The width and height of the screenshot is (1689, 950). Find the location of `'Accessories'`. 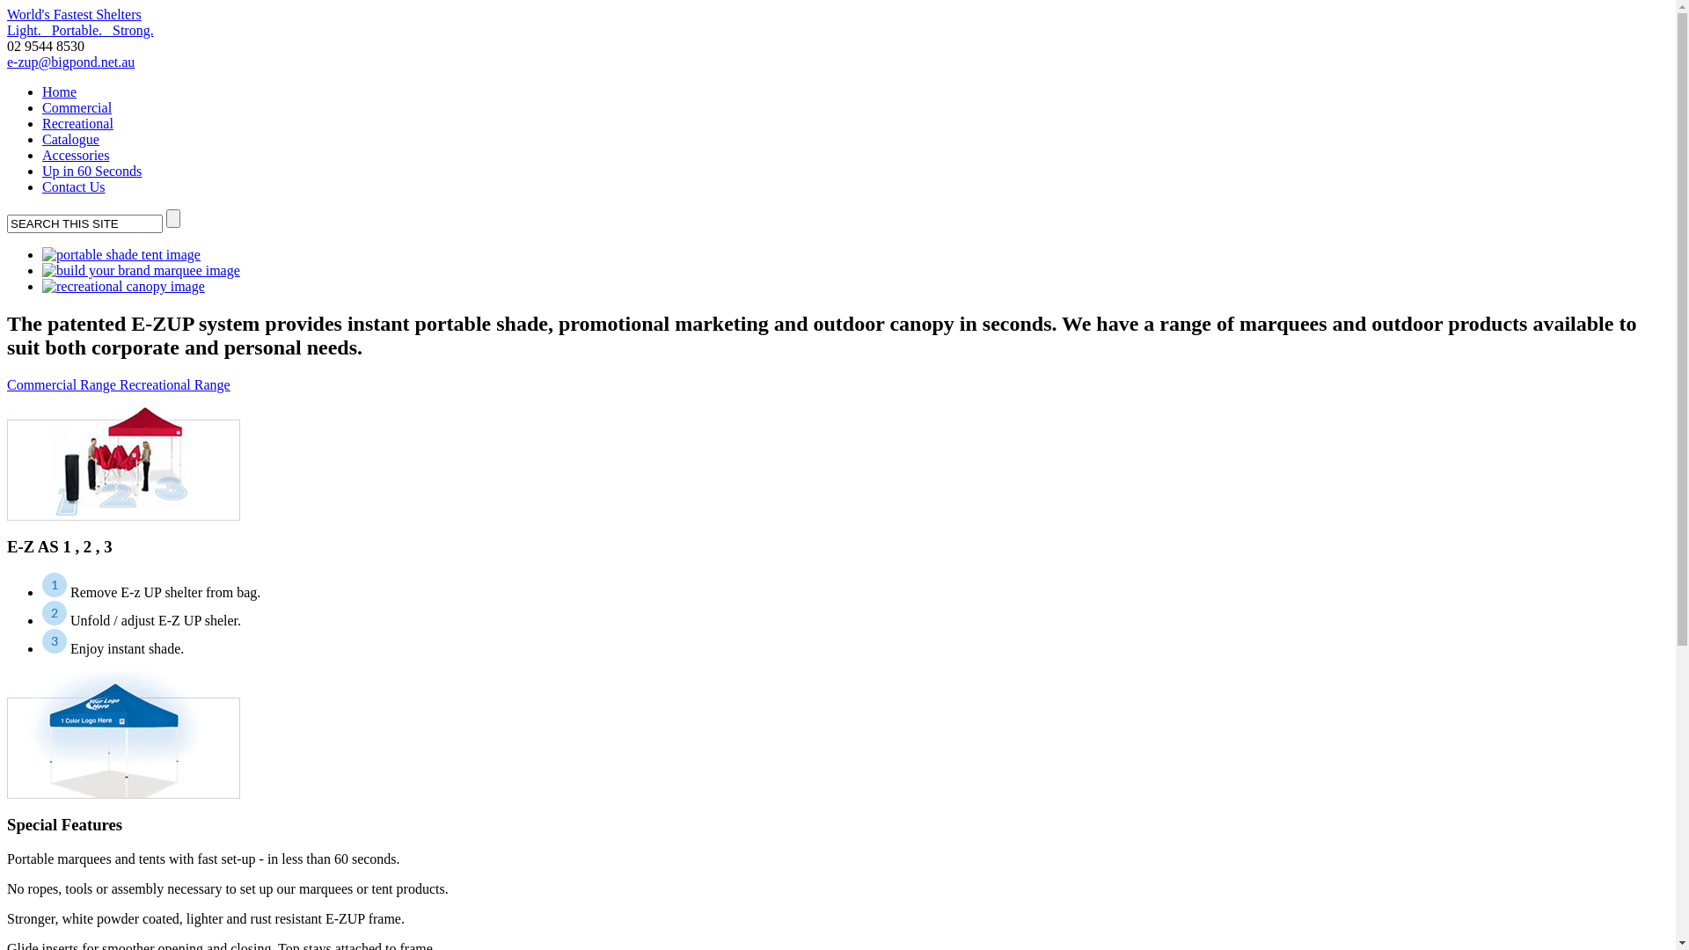

'Accessories' is located at coordinates (75, 154).